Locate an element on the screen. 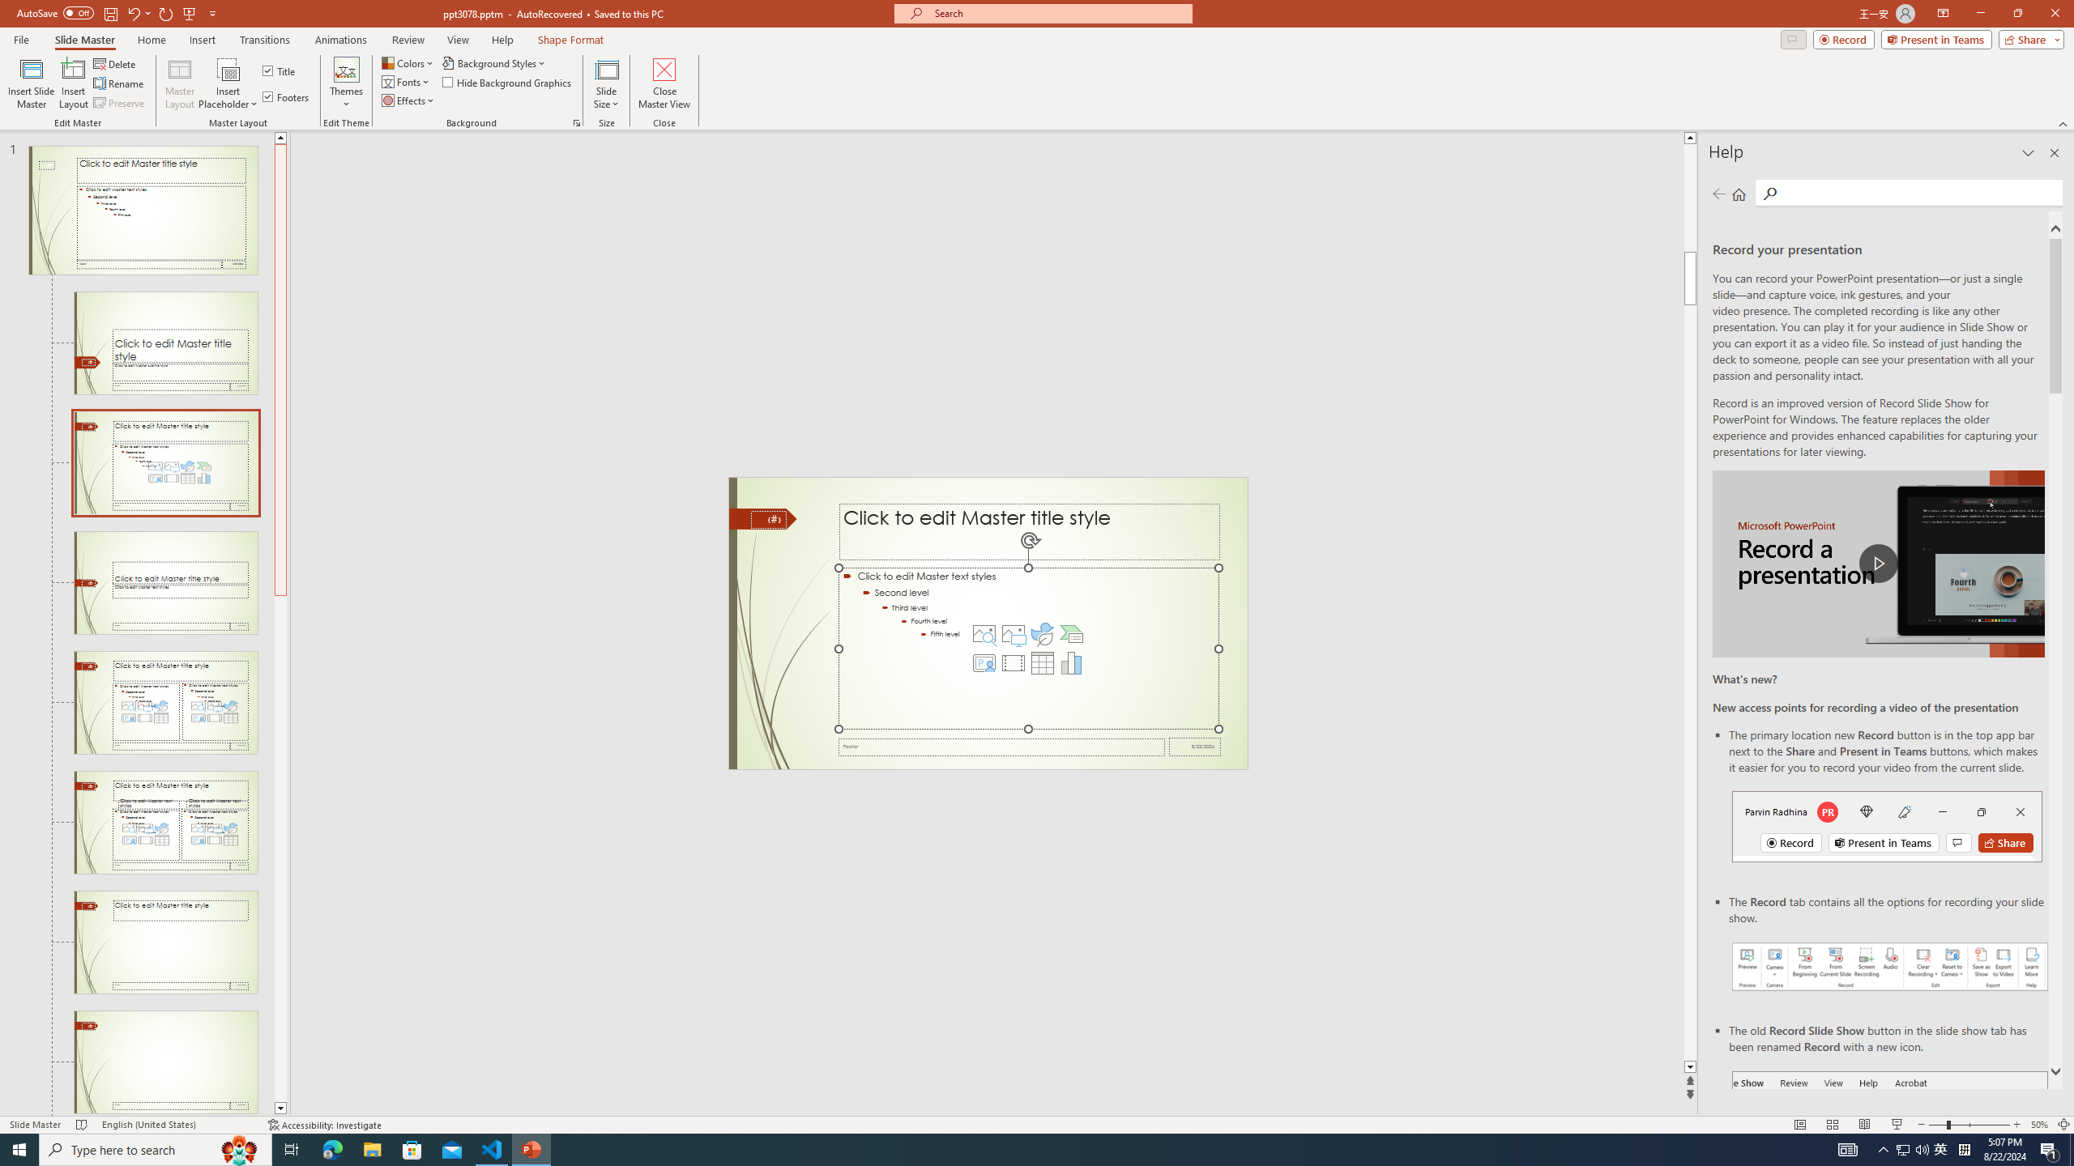 Image resolution: width=2074 pixels, height=1166 pixels. 'Search' is located at coordinates (1918, 192).